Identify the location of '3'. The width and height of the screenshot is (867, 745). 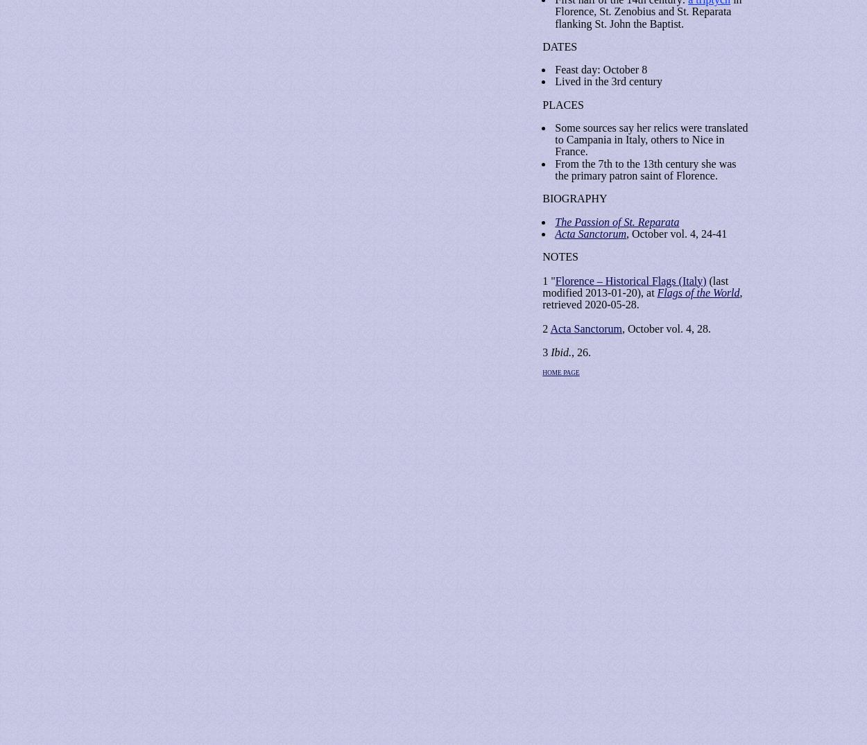
(545, 351).